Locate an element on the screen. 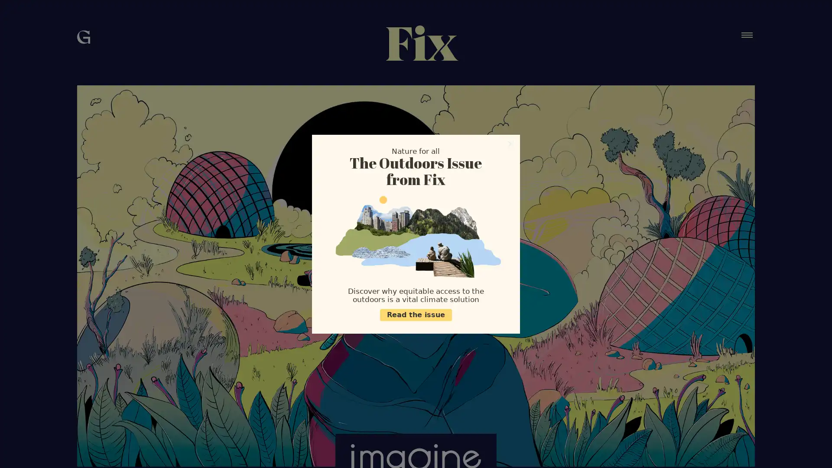 This screenshot has width=832, height=468. Read the issue is located at coordinates (416, 315).